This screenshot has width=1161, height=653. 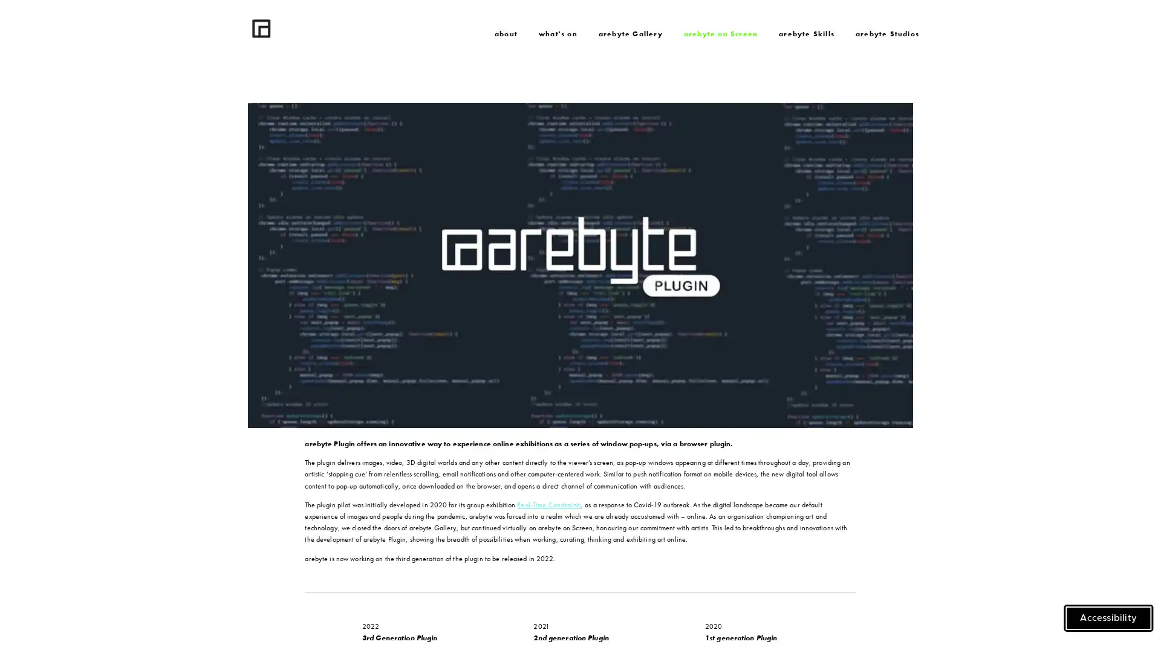 What do you see at coordinates (1108, 618) in the screenshot?
I see `Accessibility Menu` at bounding box center [1108, 618].